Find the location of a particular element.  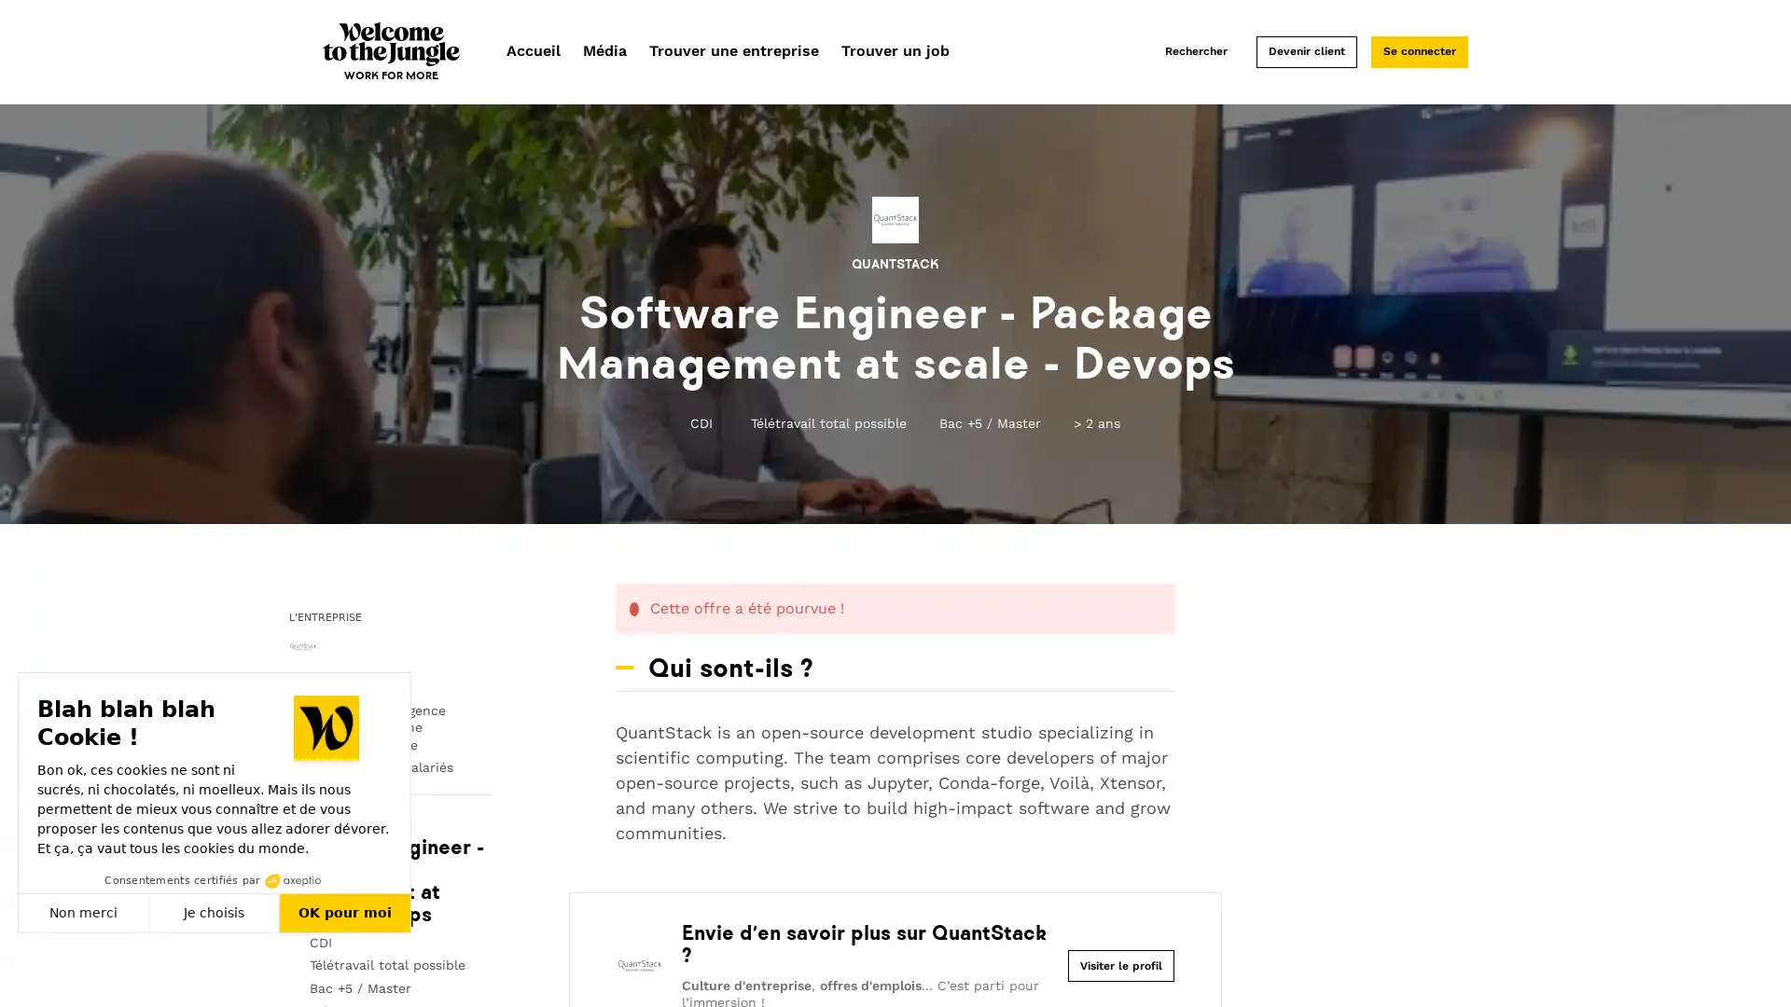

Fermer is located at coordinates (35, 973).